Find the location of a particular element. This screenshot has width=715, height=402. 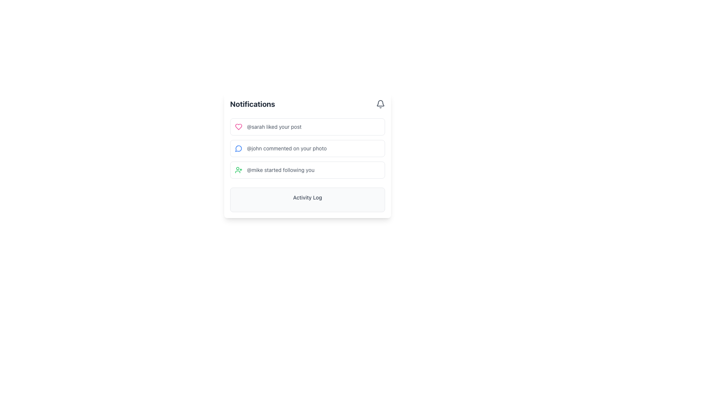

the circular blue message bubble icon located at the leftmost side of the notification stating '@john commented on your photo' in the second row of the notifications list is located at coordinates (239, 148).